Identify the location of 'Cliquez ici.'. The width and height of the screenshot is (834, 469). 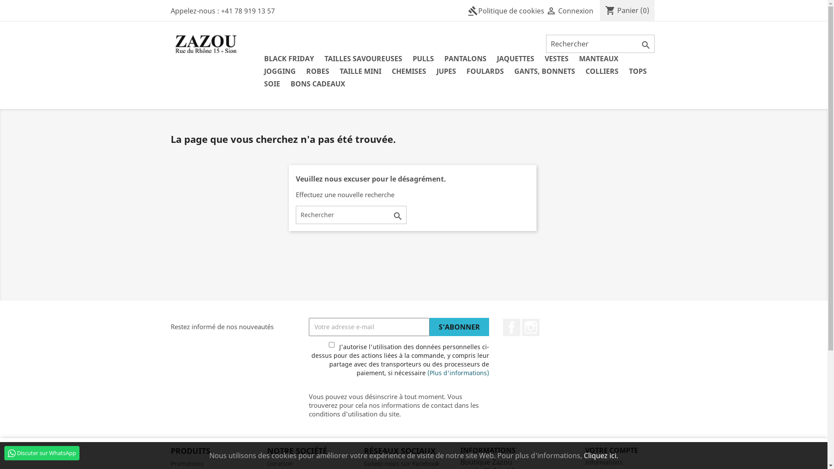
(584, 455).